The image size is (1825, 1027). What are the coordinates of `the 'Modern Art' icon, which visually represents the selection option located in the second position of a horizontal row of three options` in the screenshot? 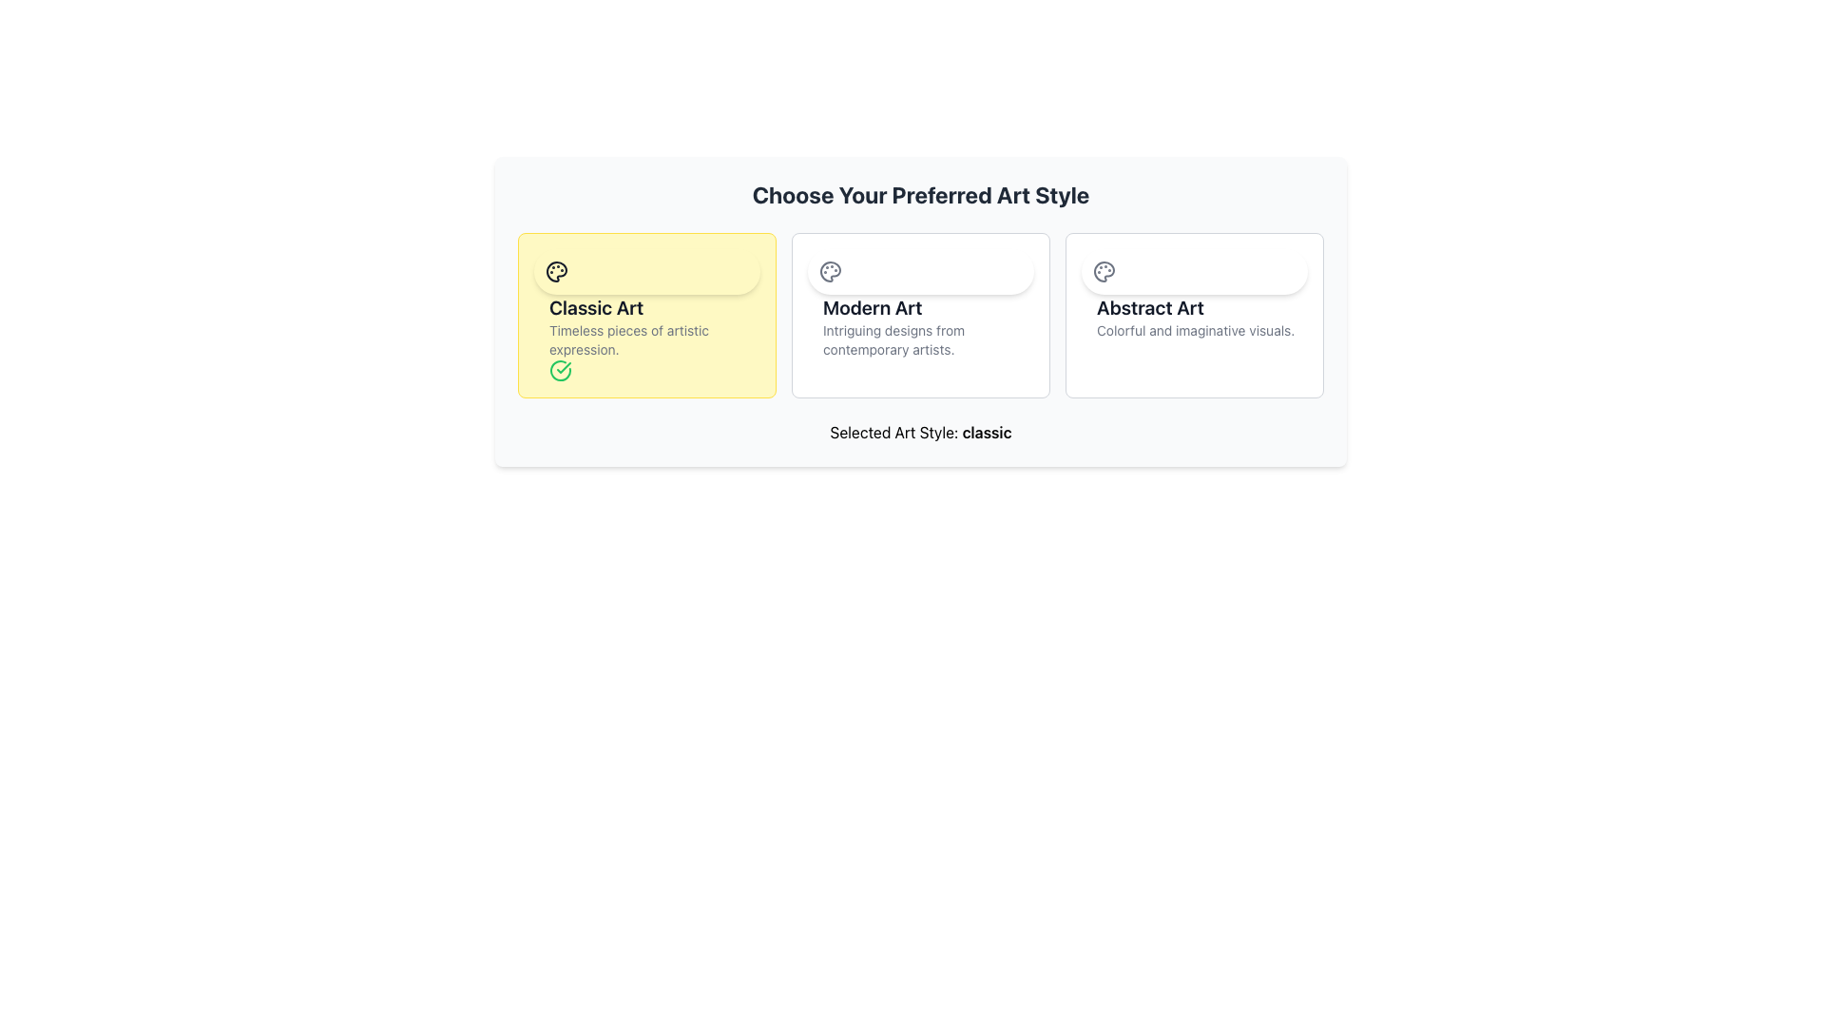 It's located at (830, 271).